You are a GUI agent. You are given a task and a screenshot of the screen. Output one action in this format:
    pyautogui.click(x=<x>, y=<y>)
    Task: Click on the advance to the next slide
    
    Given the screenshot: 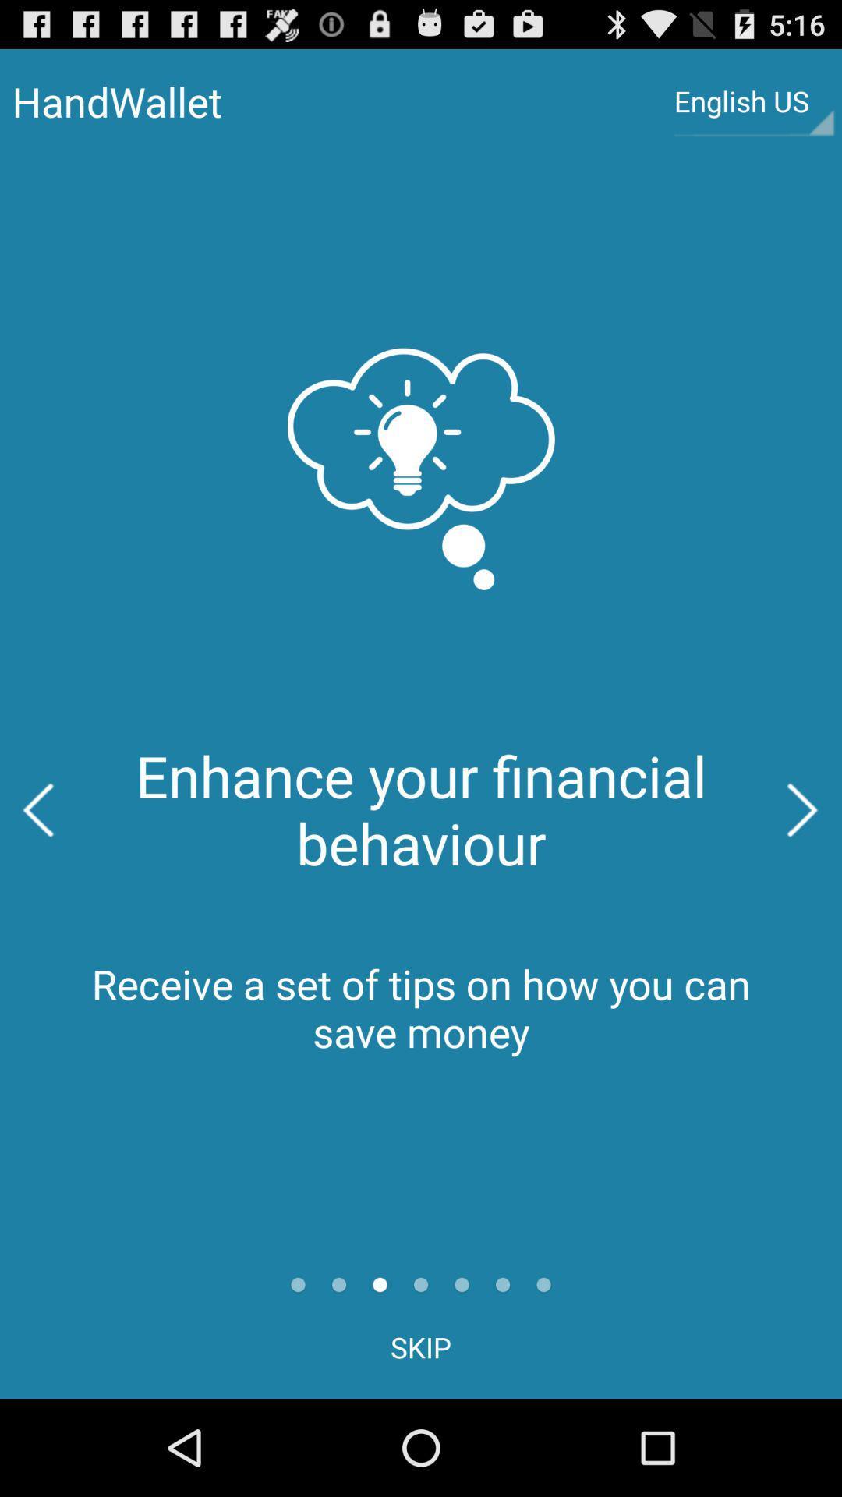 What is the action you would take?
    pyautogui.click(x=803, y=810)
    